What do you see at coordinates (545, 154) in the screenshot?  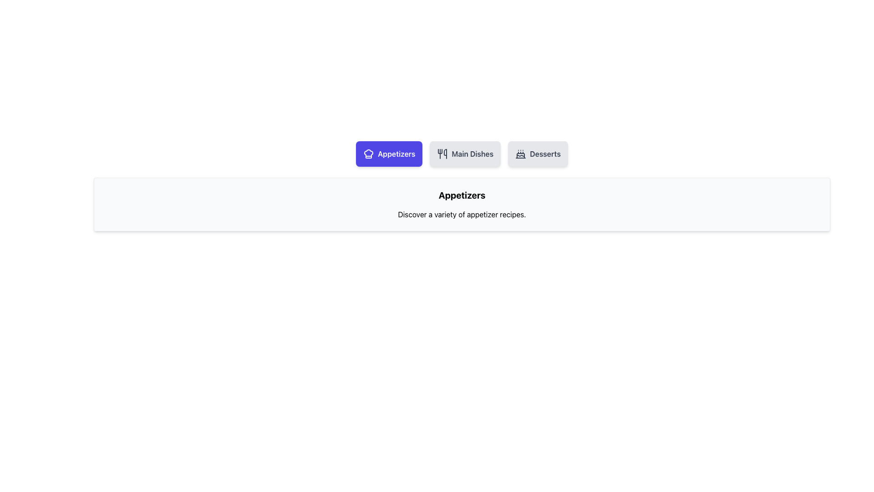 I see `the 'Desserts' text label, which is the rightmost item in a three-item horizontal navigation bar, styled in bold with a darker shade of gray` at bounding box center [545, 154].